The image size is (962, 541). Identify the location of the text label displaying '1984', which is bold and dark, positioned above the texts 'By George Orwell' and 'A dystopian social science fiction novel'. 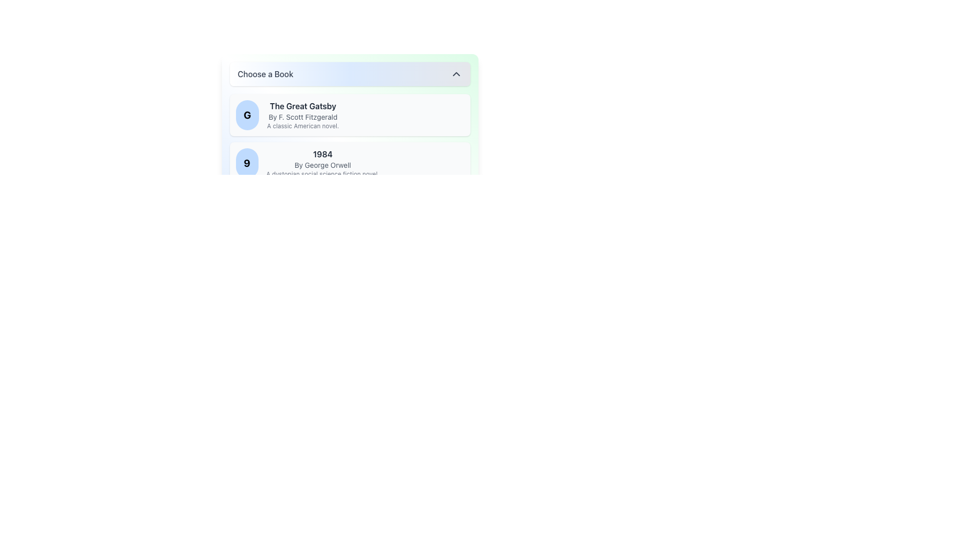
(323, 154).